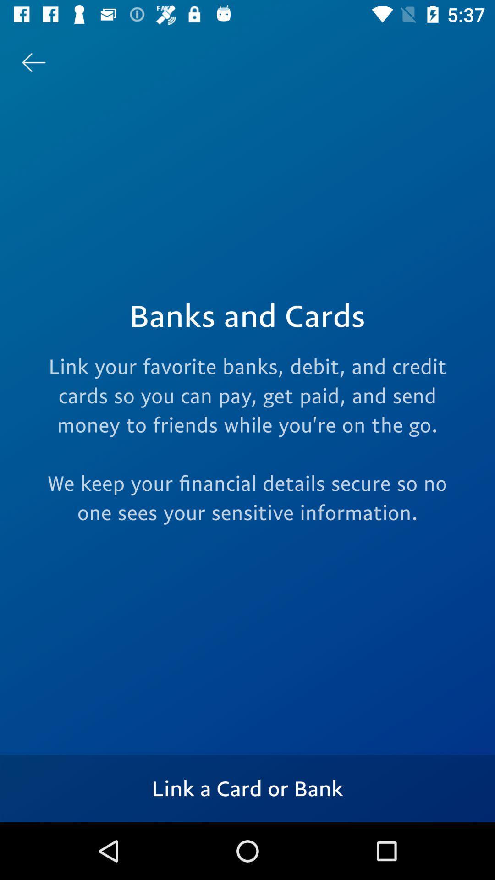 This screenshot has width=495, height=880. What do you see at coordinates (33, 62) in the screenshot?
I see `the item at the top left corner` at bounding box center [33, 62].